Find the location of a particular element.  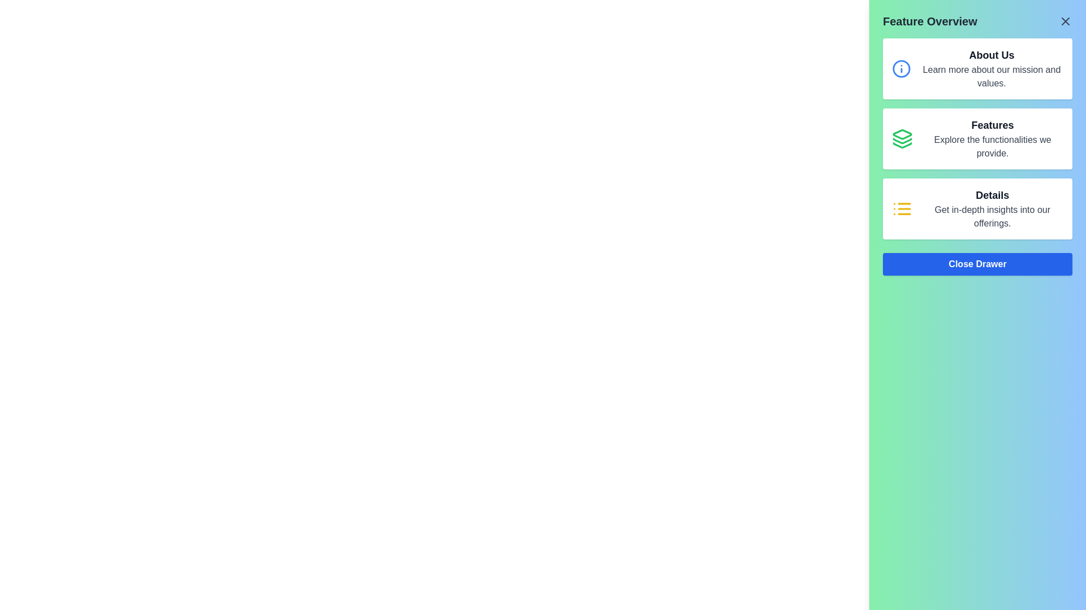

the static text element styled in gray with the content 'Get in-depth insights into our offerings.' located below the bold title 'Details.' is located at coordinates (992, 217).